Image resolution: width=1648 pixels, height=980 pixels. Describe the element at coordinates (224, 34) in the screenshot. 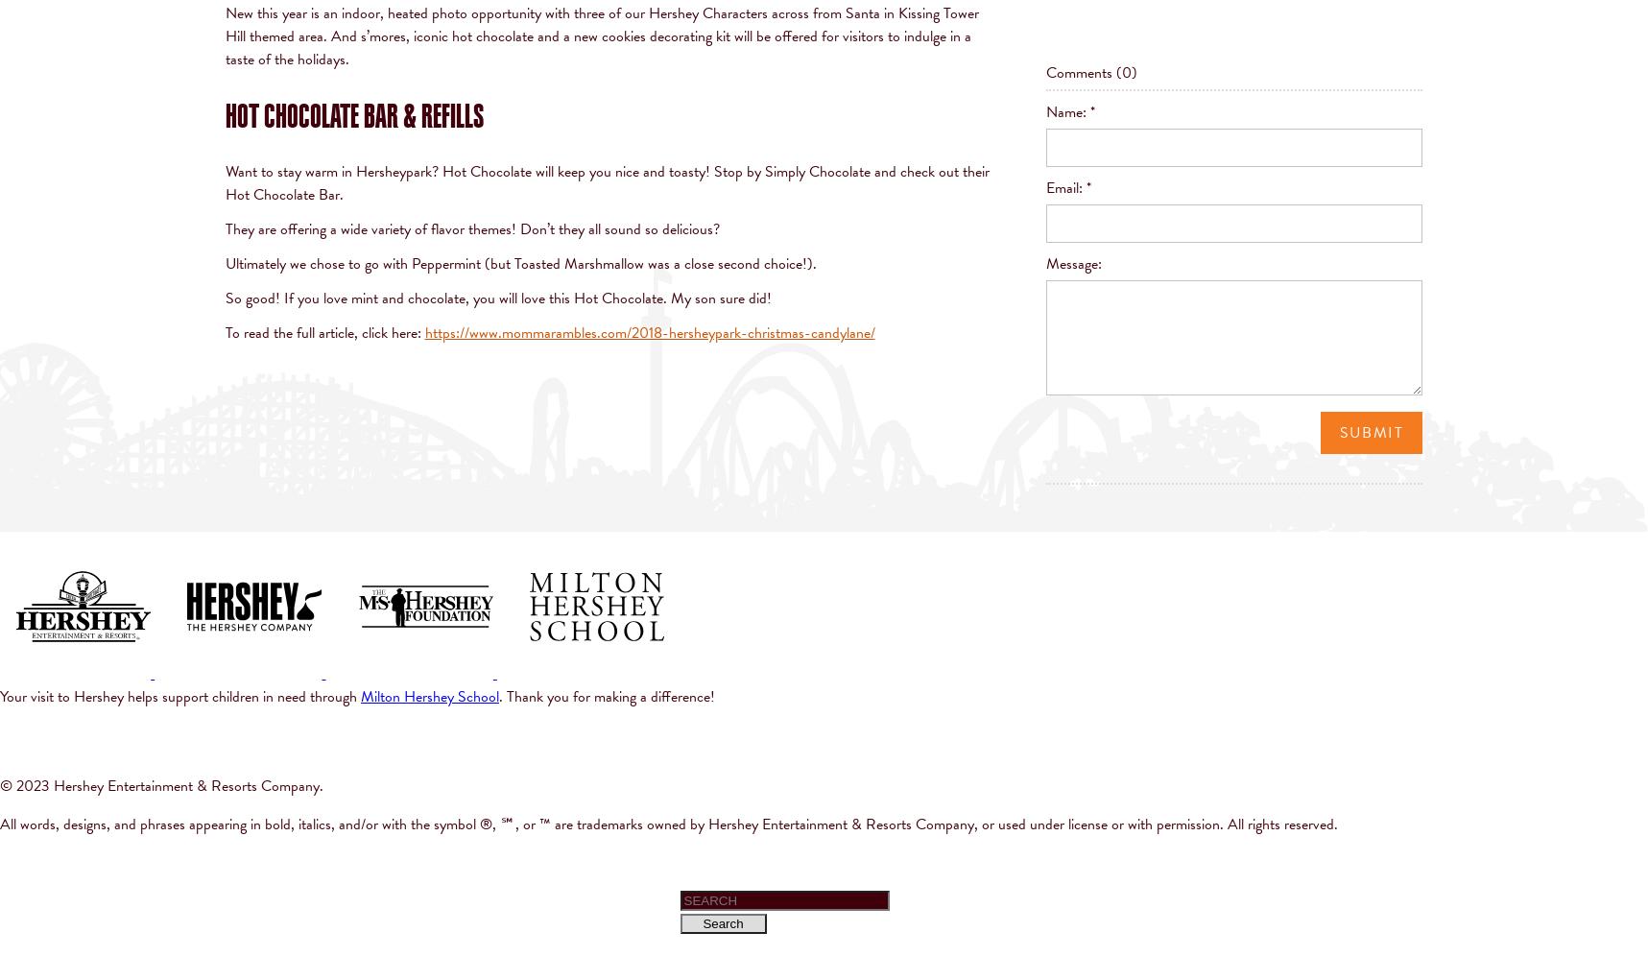

I see `'across from Santa in Kissing Tower Hill themed area. And s’mores, iconic hot chocolate and a new cookies decorating kit will be offered for visitors to indulge in a taste of the holidays.'` at that location.